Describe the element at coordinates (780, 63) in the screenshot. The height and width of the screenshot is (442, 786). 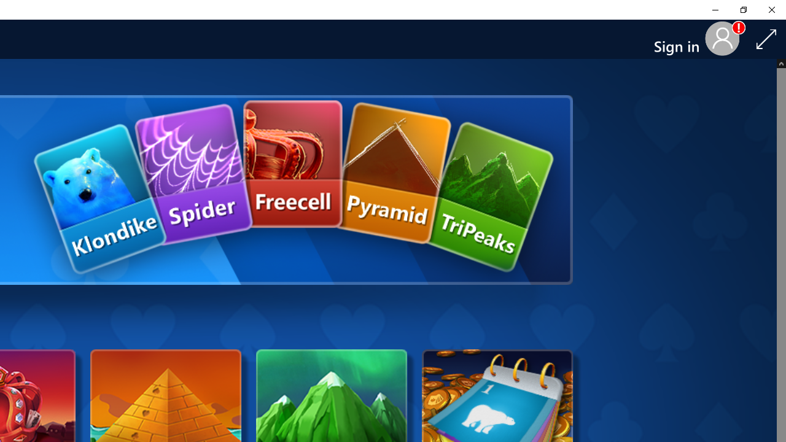
I see `'AutomationID: up_arrow_0'` at that location.